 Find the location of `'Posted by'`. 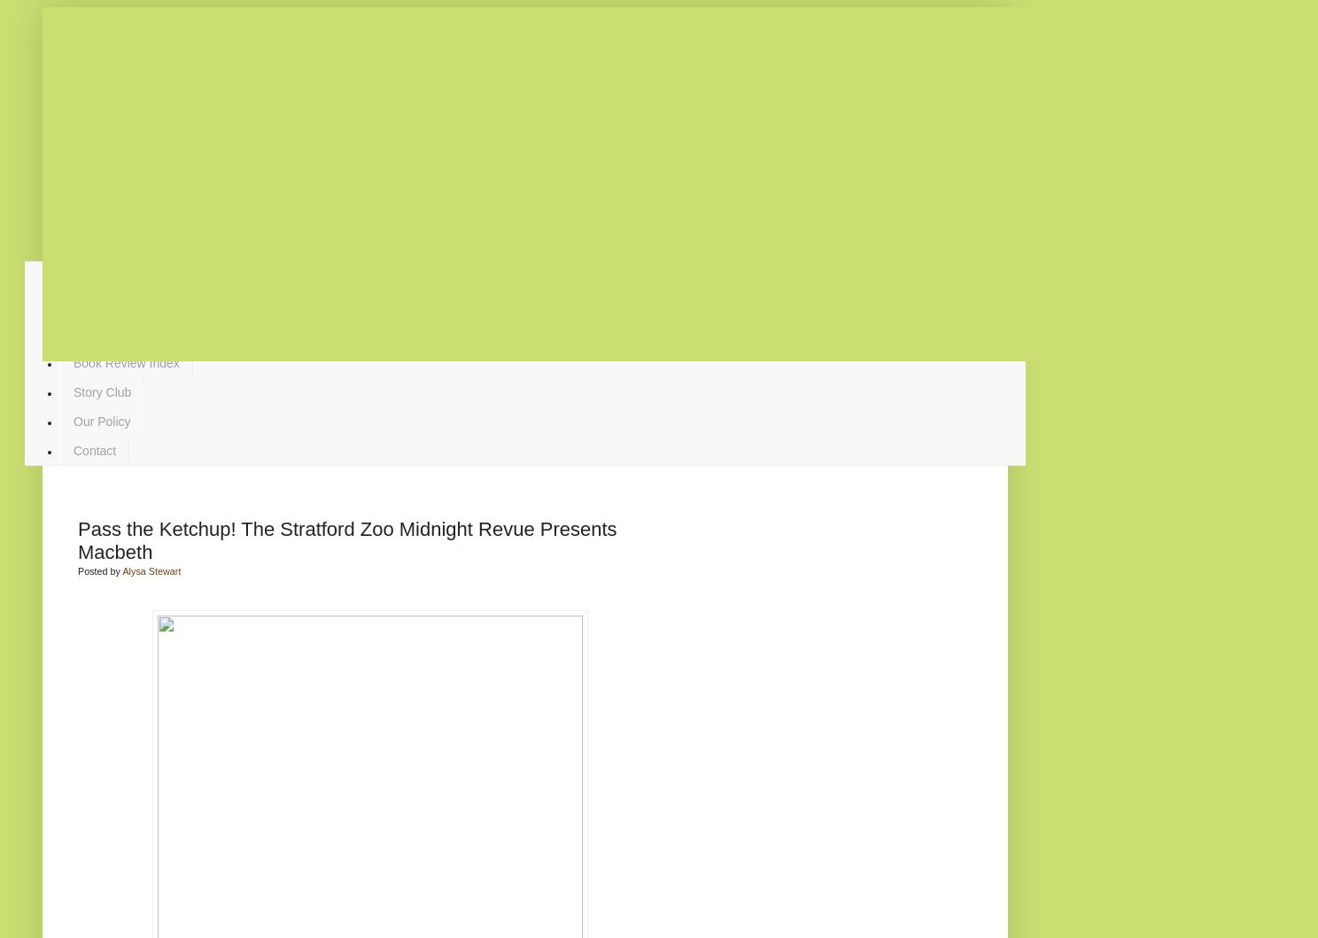

'Posted by' is located at coordinates (98, 570).